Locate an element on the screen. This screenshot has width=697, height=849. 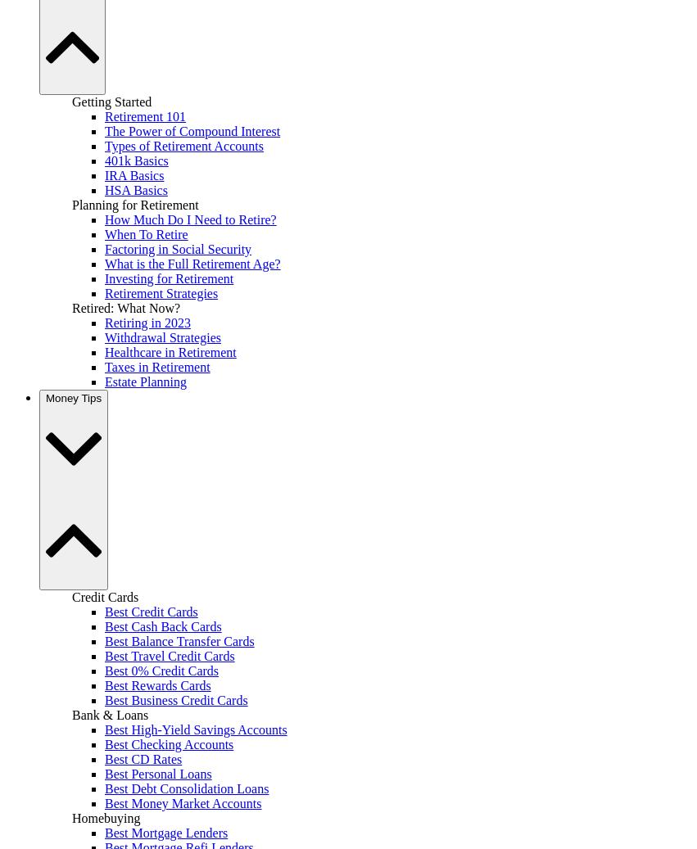
'Healthcare in Retirement' is located at coordinates (104, 350).